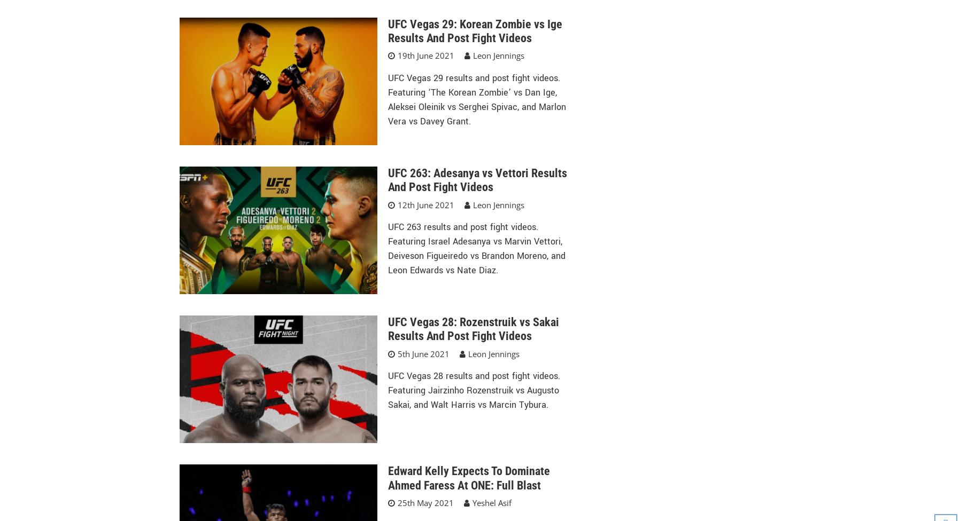  I want to click on 'UFC Vegas 28 results and post fight videos. Featuring Jairzinho Rozenstruik vs Augusto Sakai, and Walt Harris vs Marcin Tybura.', so click(473, 390).